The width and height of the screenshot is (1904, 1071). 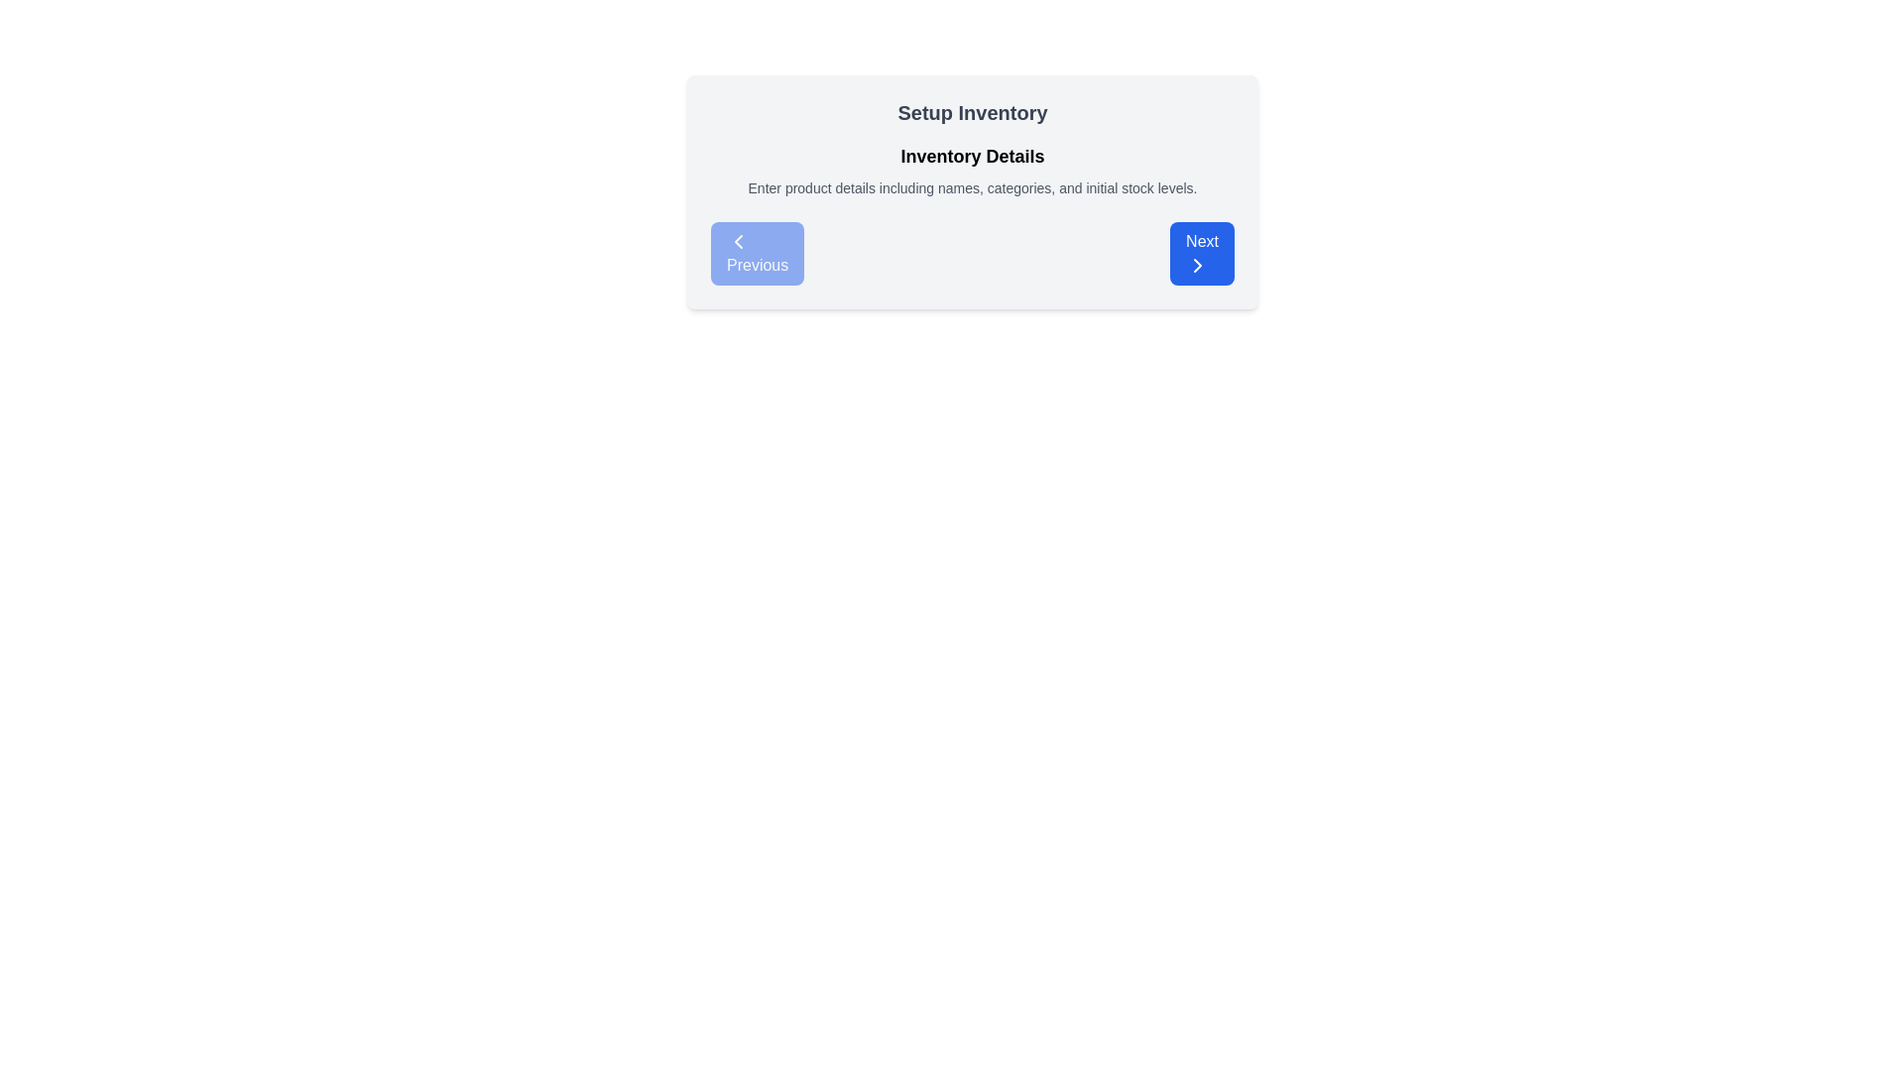 What do you see at coordinates (972, 170) in the screenshot?
I see `the 'Inventory Details' text display element, which shows instructions for entering product details, located below the 'Setup Inventory' heading and above the navigation buttons` at bounding box center [972, 170].